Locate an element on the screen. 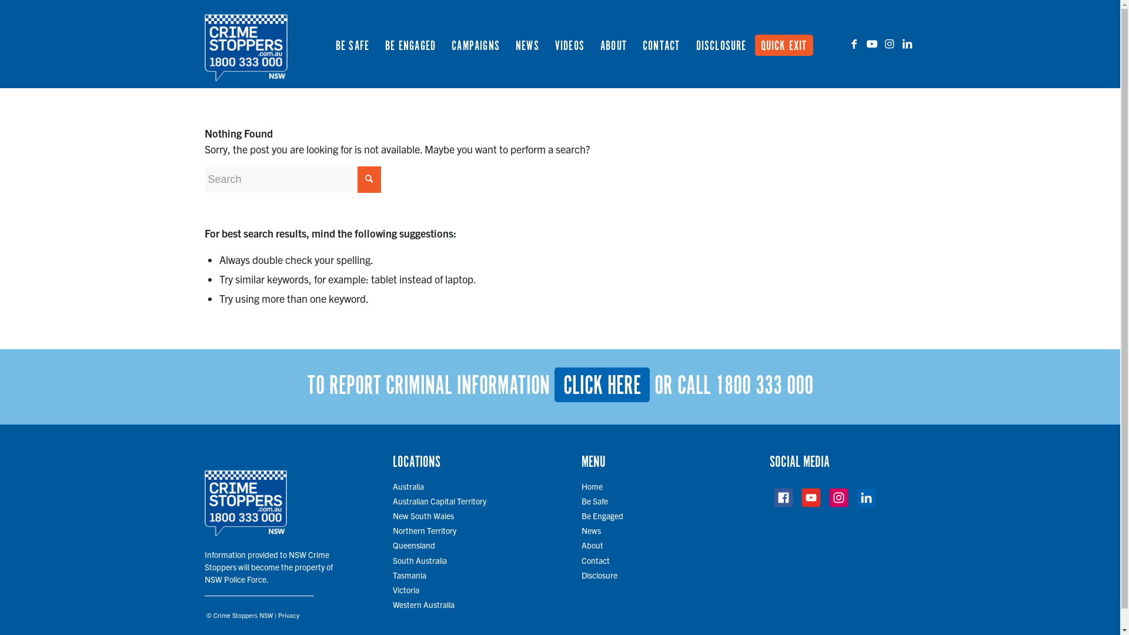  'QUICK EXIT' is located at coordinates (787, 43).